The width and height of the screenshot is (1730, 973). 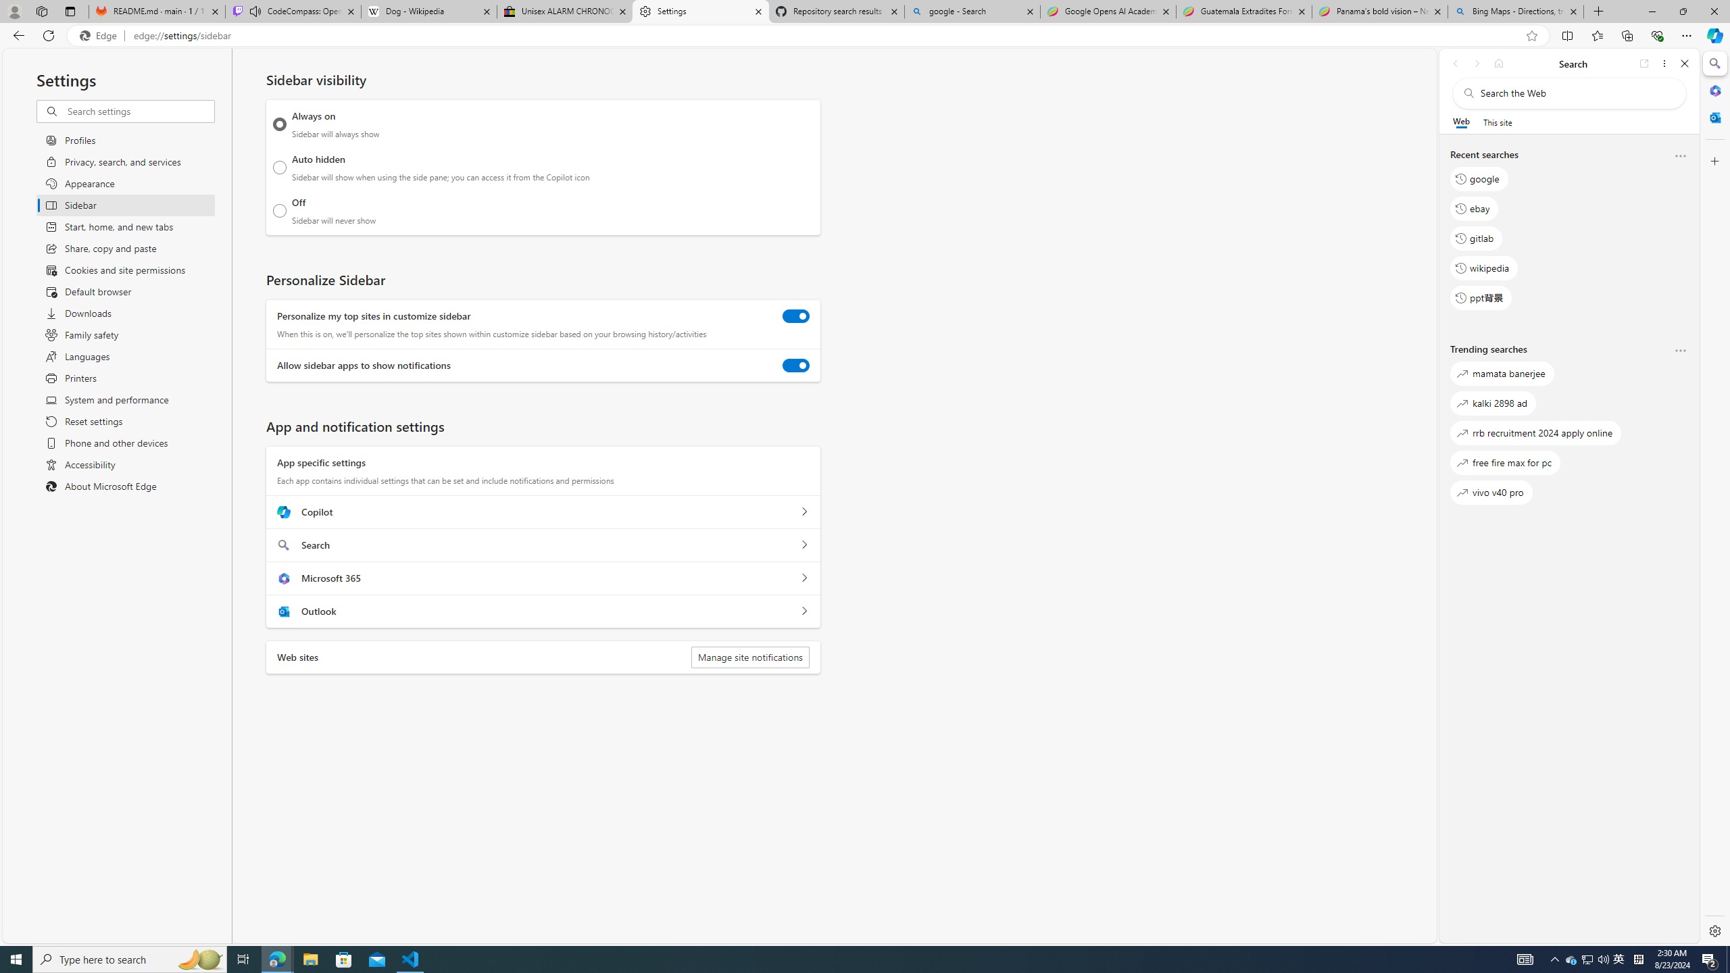 I want to click on 'vivo v40 pro', so click(x=1490, y=492).